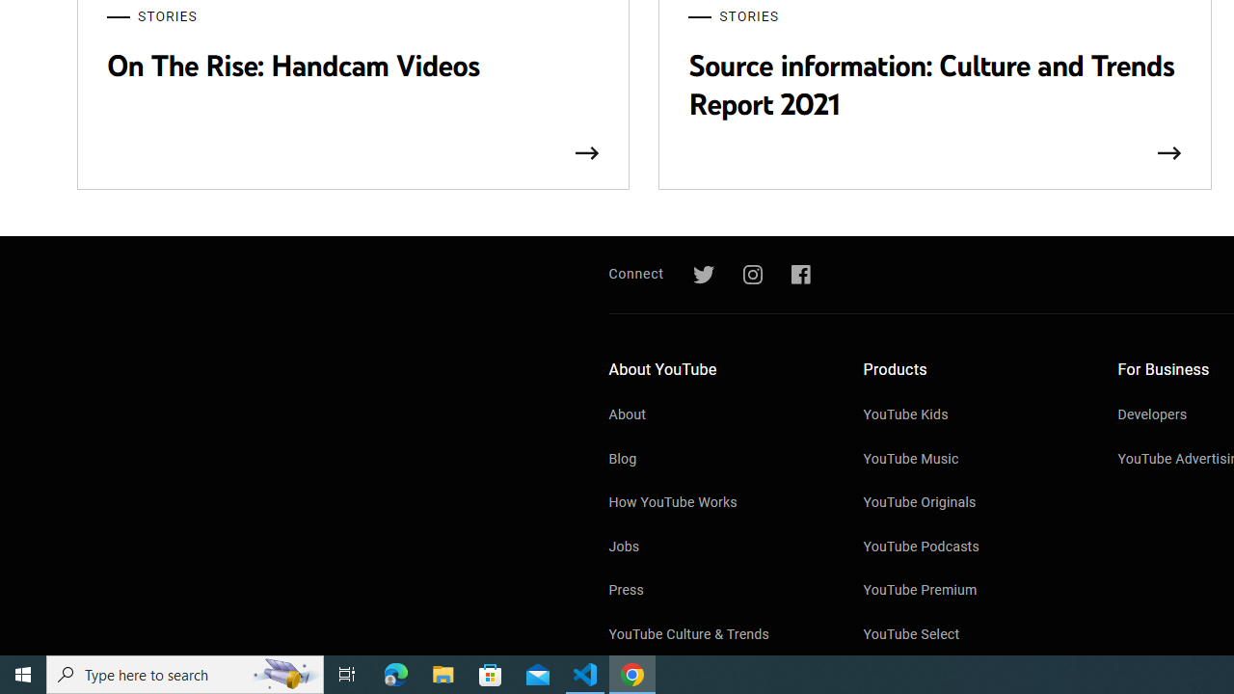 The width and height of the screenshot is (1234, 694). I want to click on 'YouTube Originals', so click(971, 503).